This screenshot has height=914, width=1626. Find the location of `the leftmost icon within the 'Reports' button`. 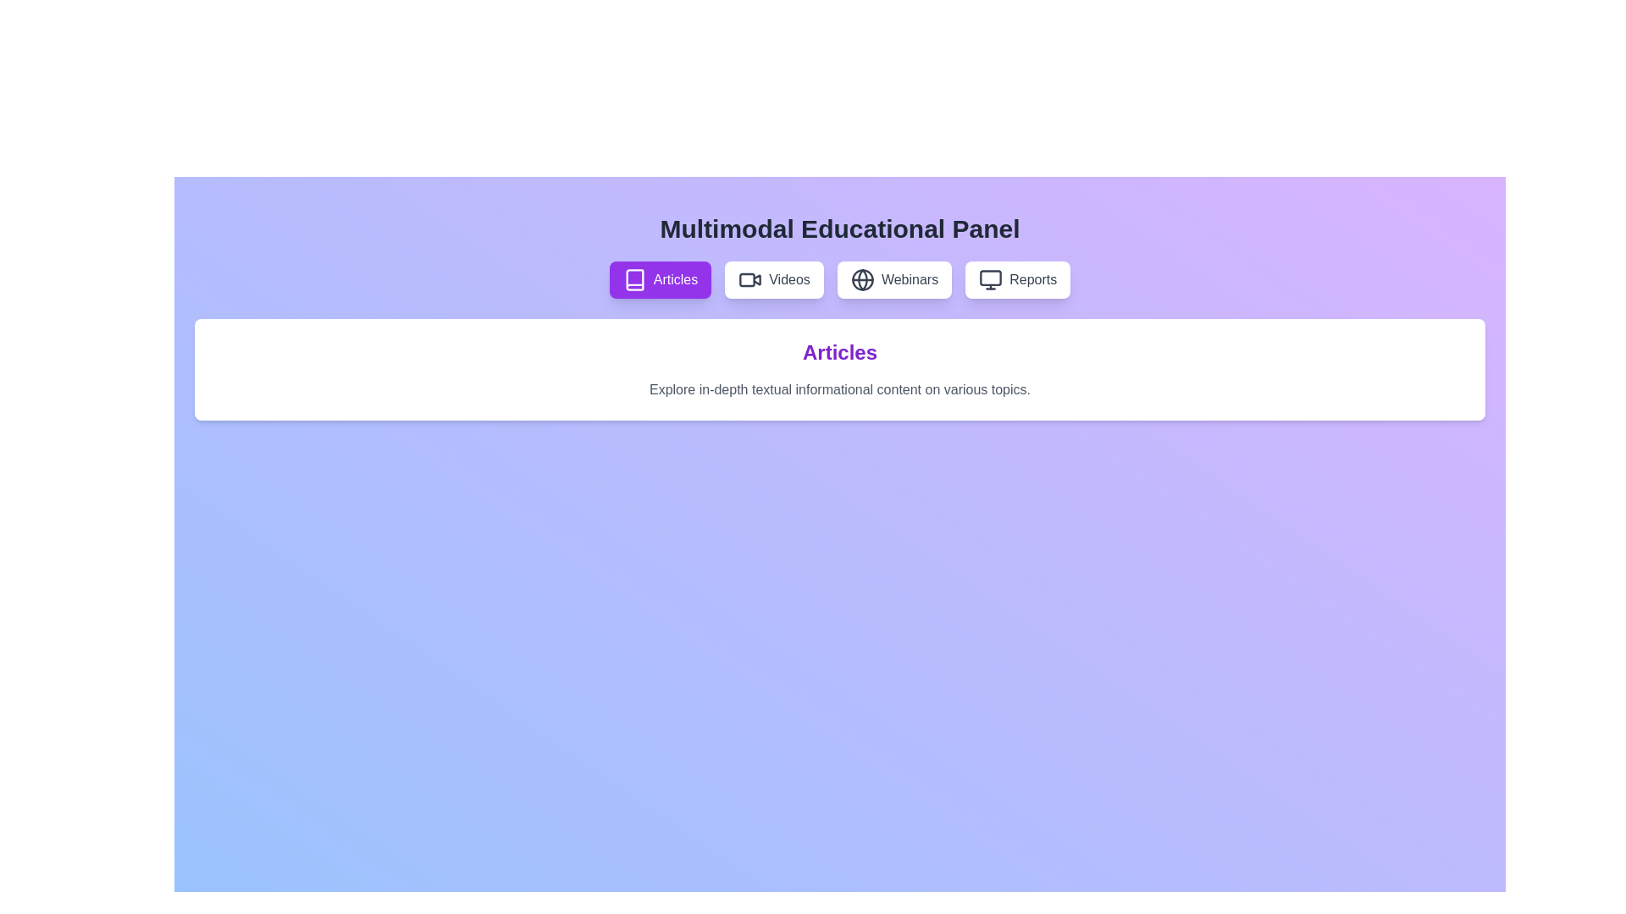

the leftmost icon within the 'Reports' button is located at coordinates (991, 279).